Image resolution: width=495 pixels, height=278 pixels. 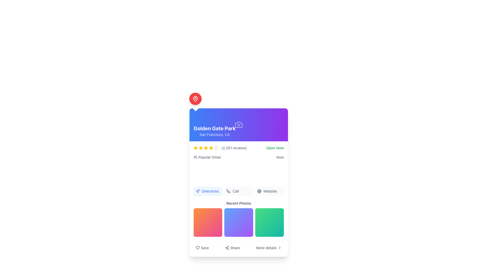 What do you see at coordinates (279, 248) in the screenshot?
I see `the arrow icon located on the right side of the 'More details' button` at bounding box center [279, 248].